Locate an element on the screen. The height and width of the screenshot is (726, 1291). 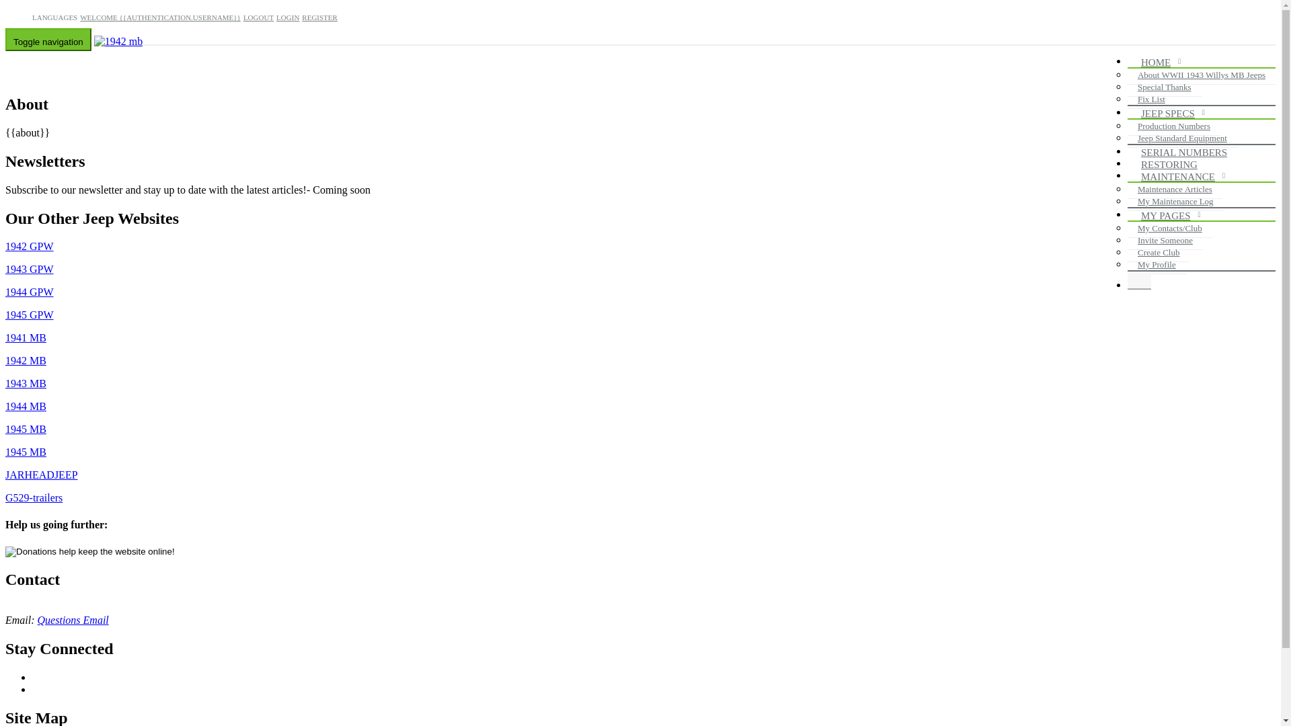
'Production Numbers' is located at coordinates (1173, 126).